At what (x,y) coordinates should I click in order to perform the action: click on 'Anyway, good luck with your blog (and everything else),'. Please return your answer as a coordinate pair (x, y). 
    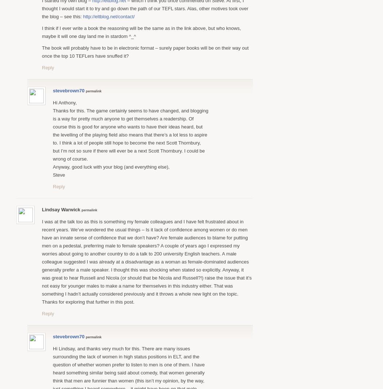
    Looking at the image, I should click on (111, 166).